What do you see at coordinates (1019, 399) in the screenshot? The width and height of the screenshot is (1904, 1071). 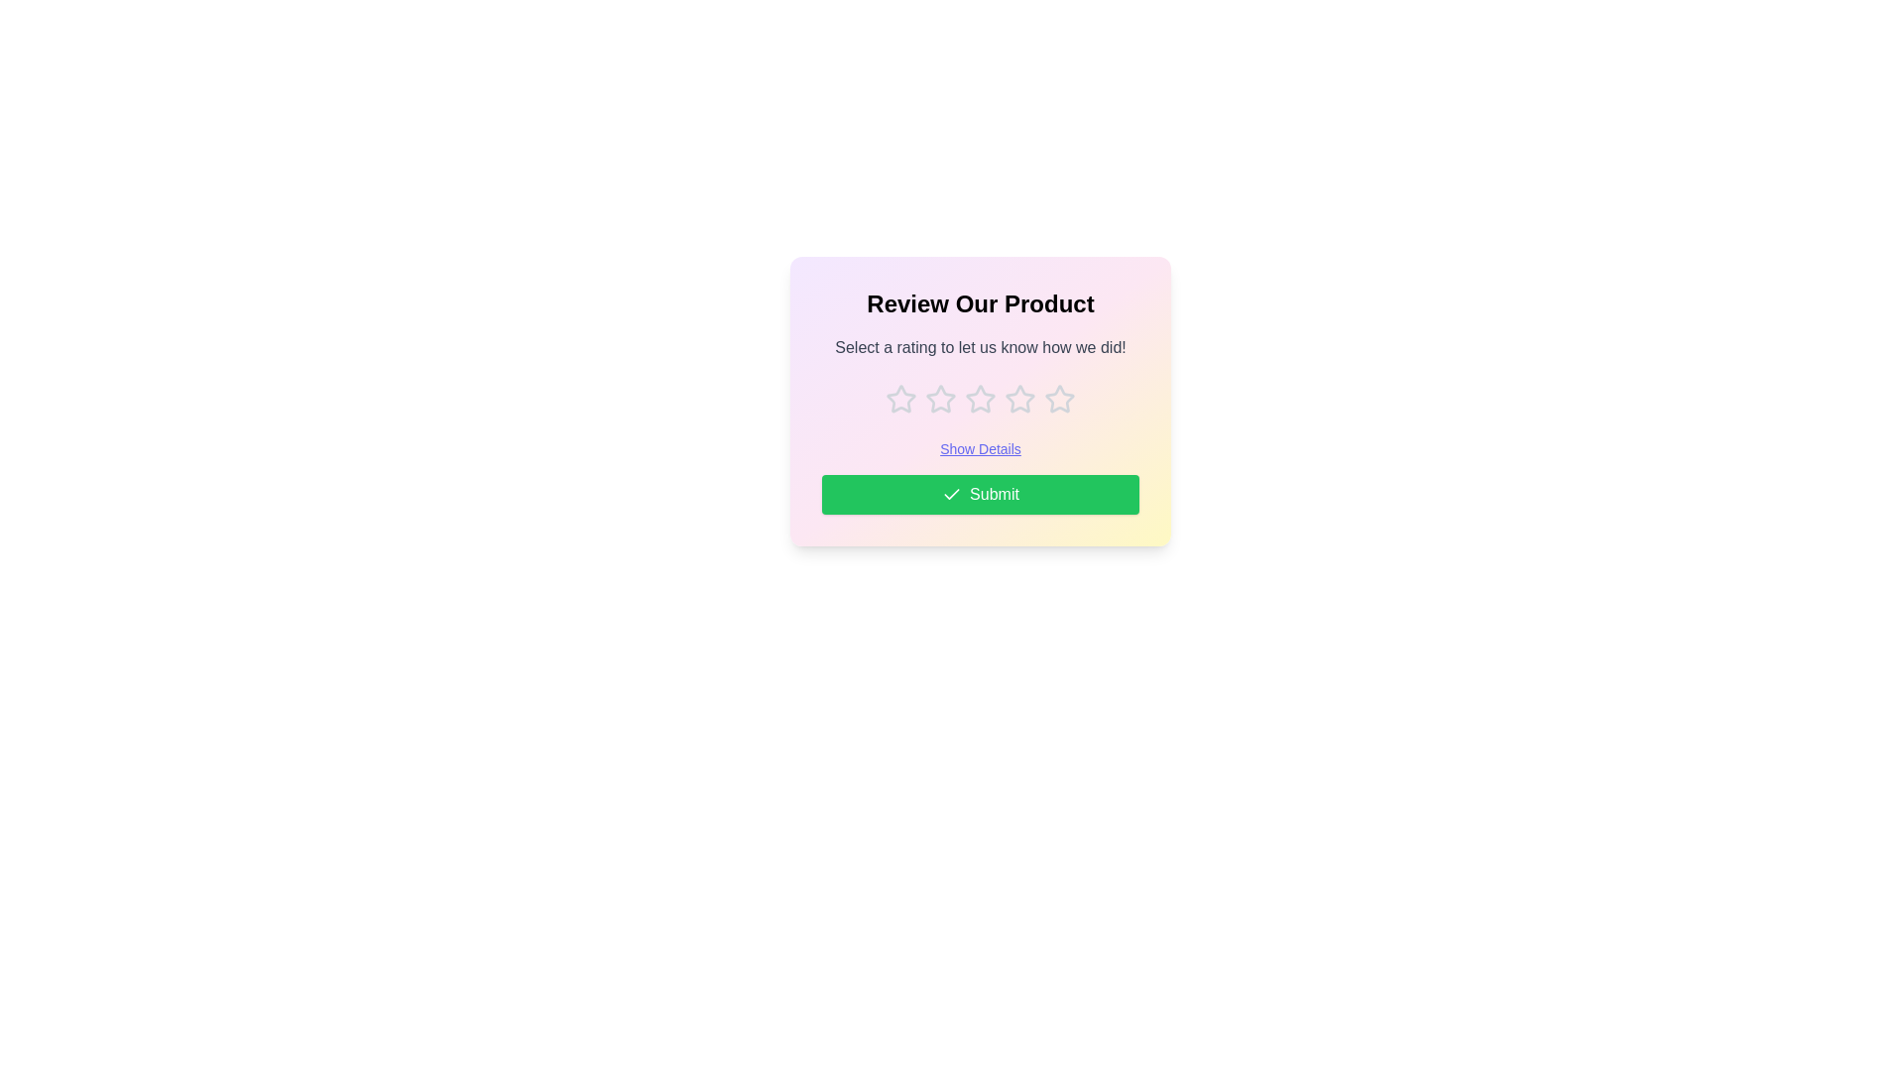 I see `the rating to 4 stars by clicking on the corresponding star` at bounding box center [1019, 399].